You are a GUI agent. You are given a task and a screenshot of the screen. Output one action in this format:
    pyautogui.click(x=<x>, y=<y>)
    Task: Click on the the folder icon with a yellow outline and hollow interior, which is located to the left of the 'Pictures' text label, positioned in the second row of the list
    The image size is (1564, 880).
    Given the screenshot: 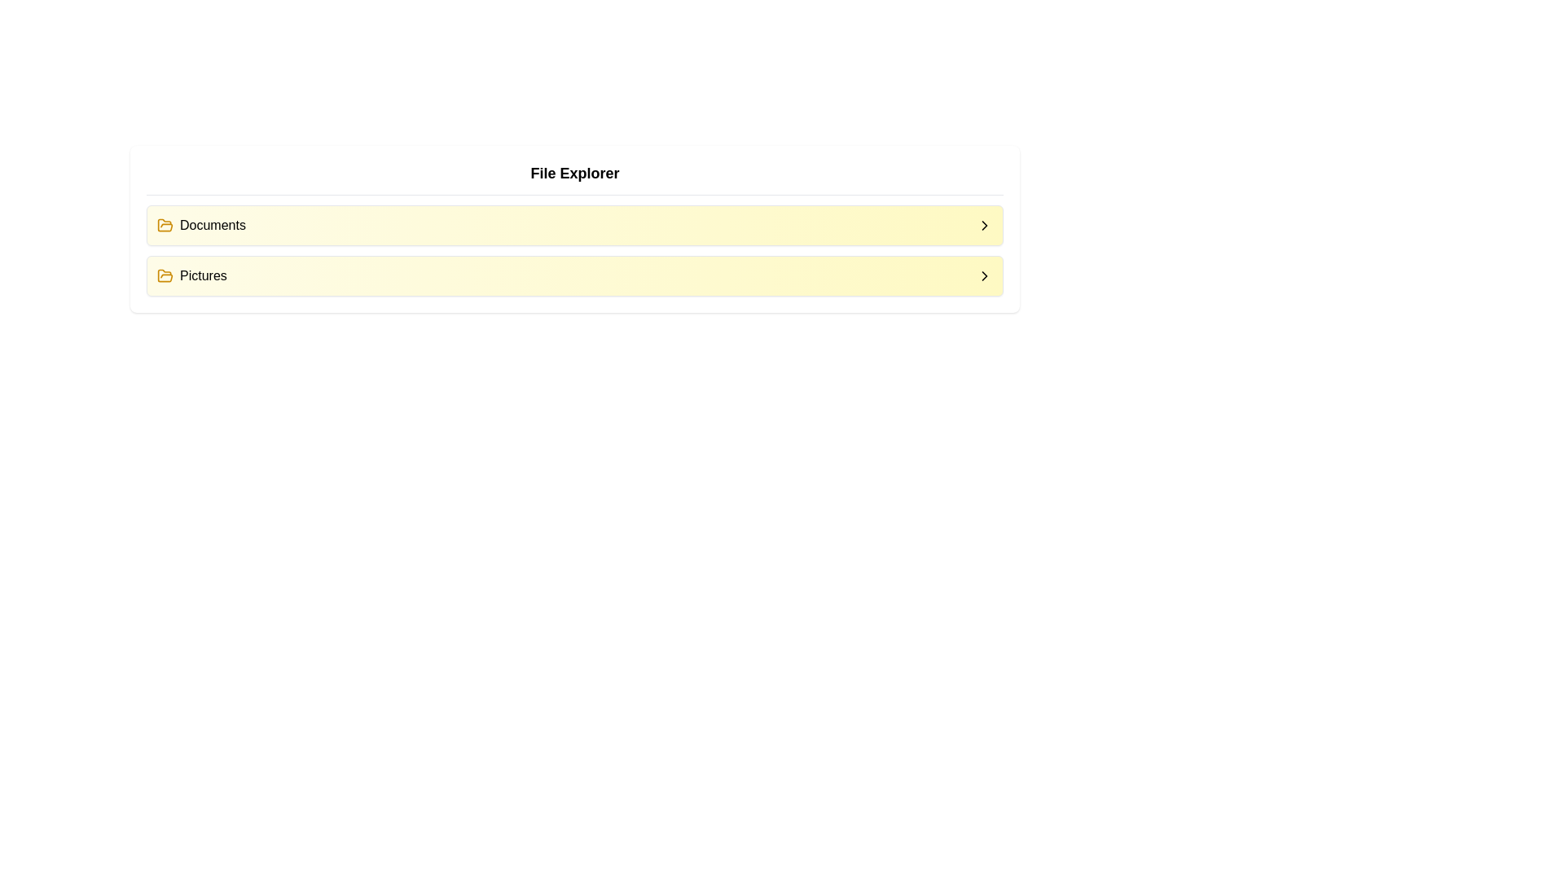 What is the action you would take?
    pyautogui.click(x=165, y=275)
    